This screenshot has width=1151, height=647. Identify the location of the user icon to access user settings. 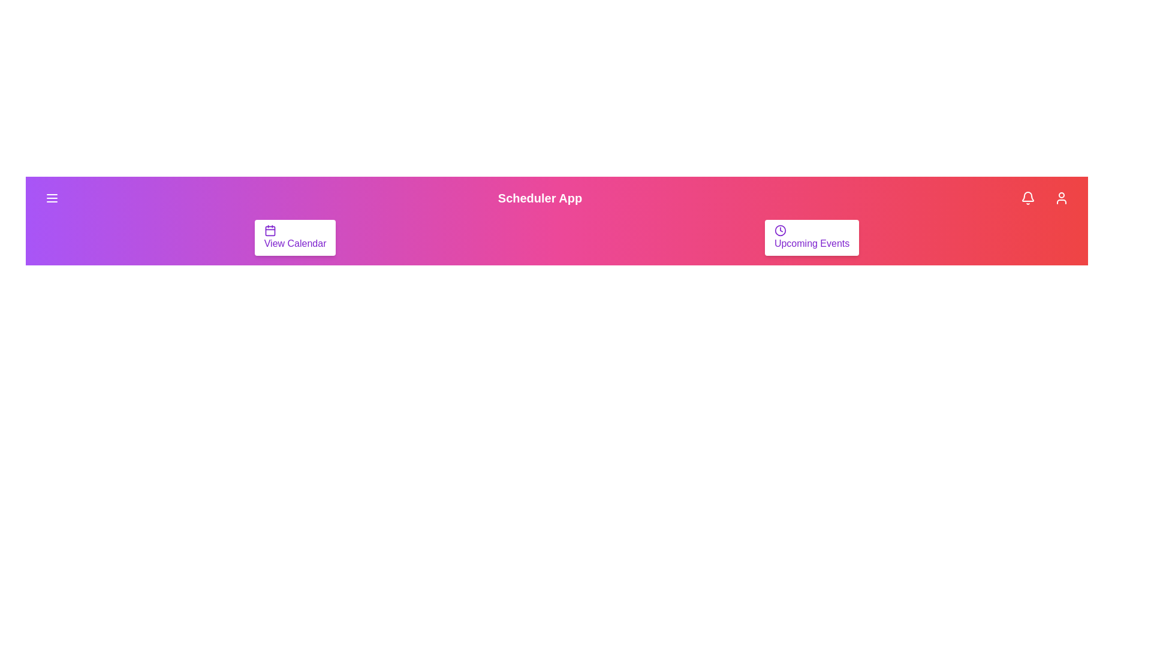
(1062, 198).